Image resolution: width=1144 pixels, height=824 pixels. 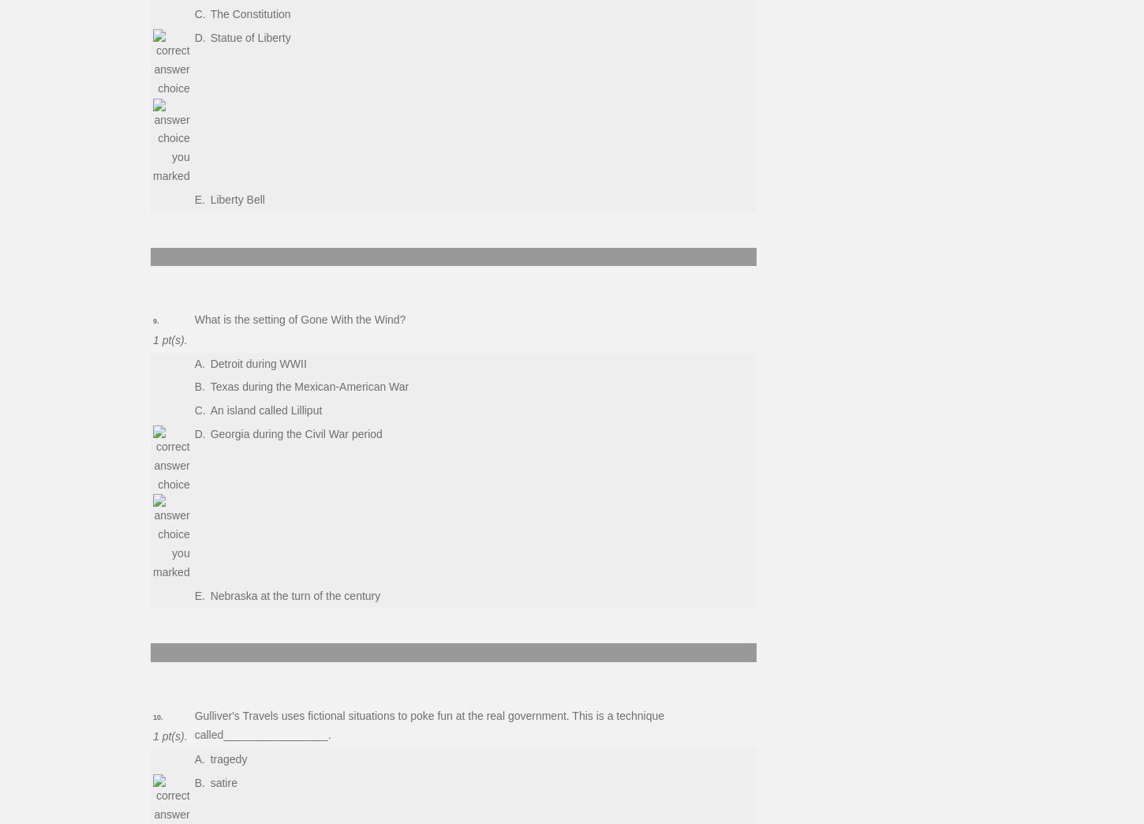 What do you see at coordinates (155, 320) in the screenshot?
I see `'9.'` at bounding box center [155, 320].